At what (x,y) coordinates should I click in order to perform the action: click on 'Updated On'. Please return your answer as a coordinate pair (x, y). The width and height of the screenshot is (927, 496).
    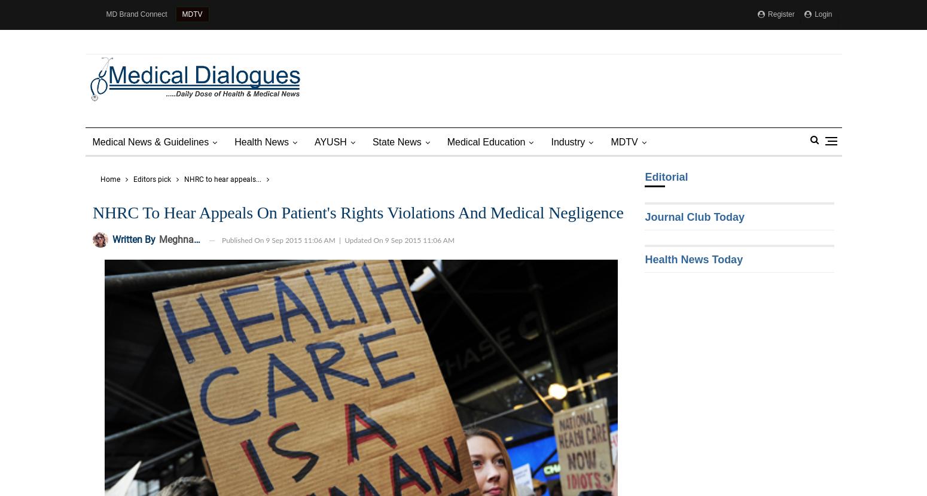
    Looking at the image, I should click on (364, 239).